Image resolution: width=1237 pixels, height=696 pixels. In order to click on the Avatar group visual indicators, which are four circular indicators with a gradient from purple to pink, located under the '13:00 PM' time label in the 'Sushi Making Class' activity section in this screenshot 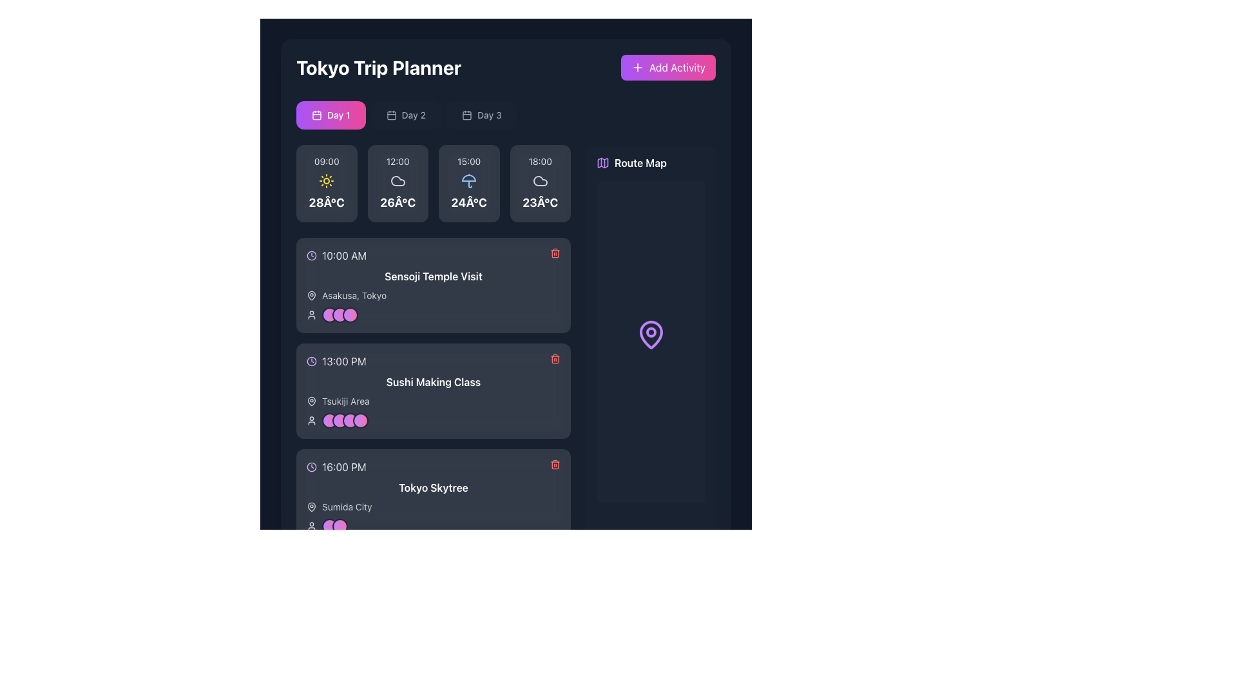, I will do `click(345, 420)`.